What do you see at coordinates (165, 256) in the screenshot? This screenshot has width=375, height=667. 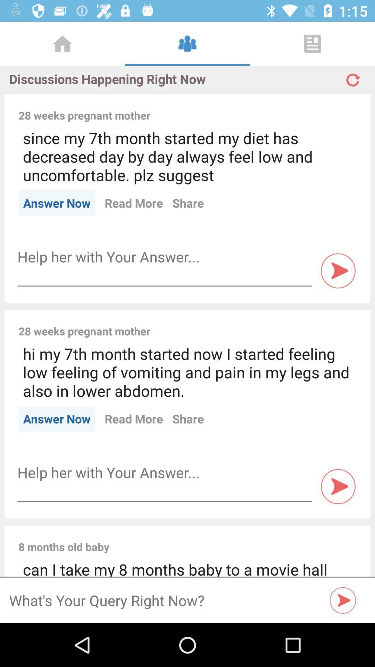 I see `answer discussion prompt` at bounding box center [165, 256].